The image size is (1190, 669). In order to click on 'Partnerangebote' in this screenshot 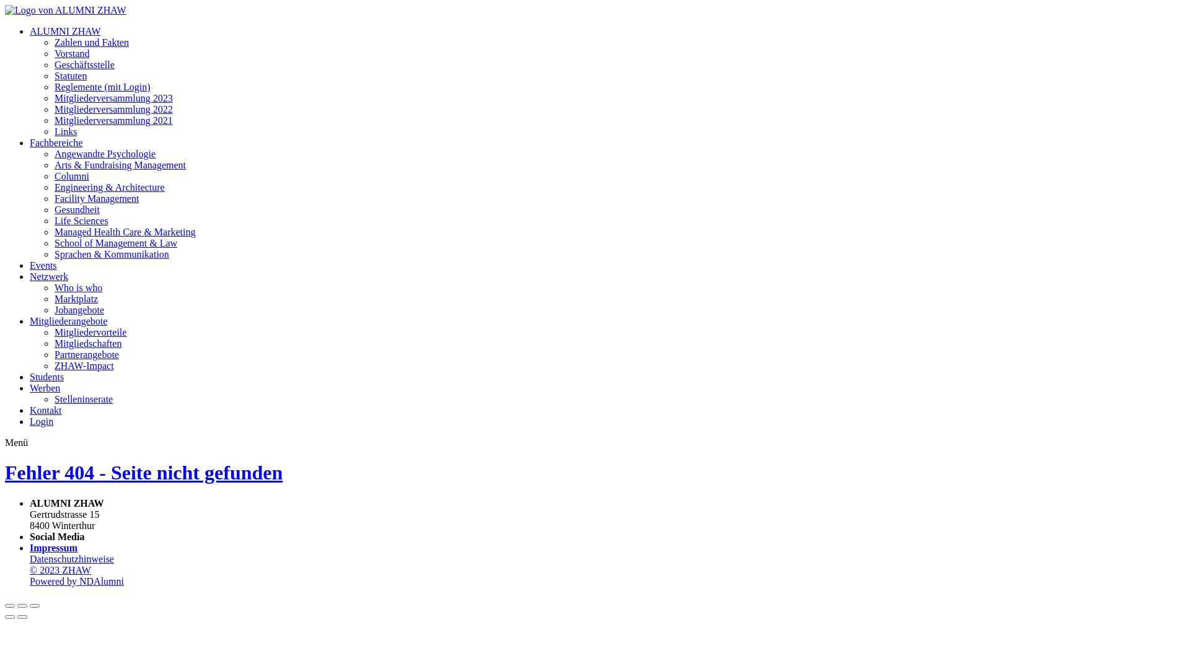, I will do `click(86, 354)`.